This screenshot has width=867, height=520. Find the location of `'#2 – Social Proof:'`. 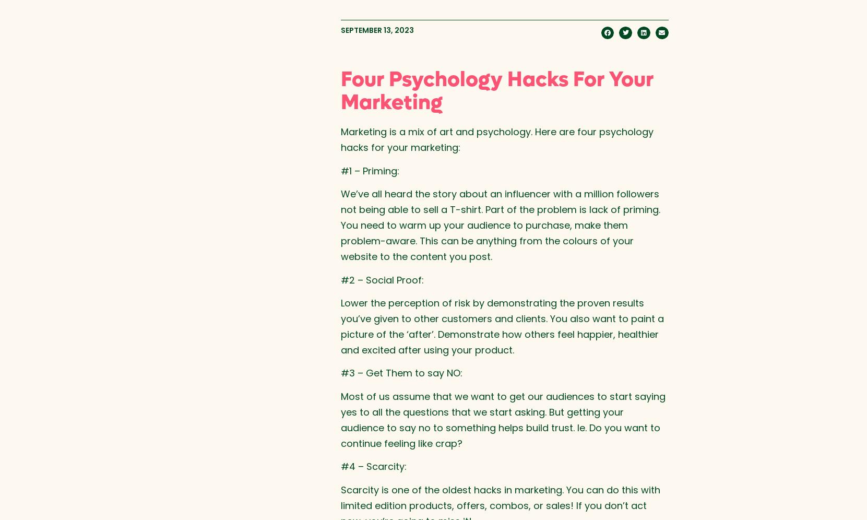

'#2 – Social Proof:' is located at coordinates (382, 279).